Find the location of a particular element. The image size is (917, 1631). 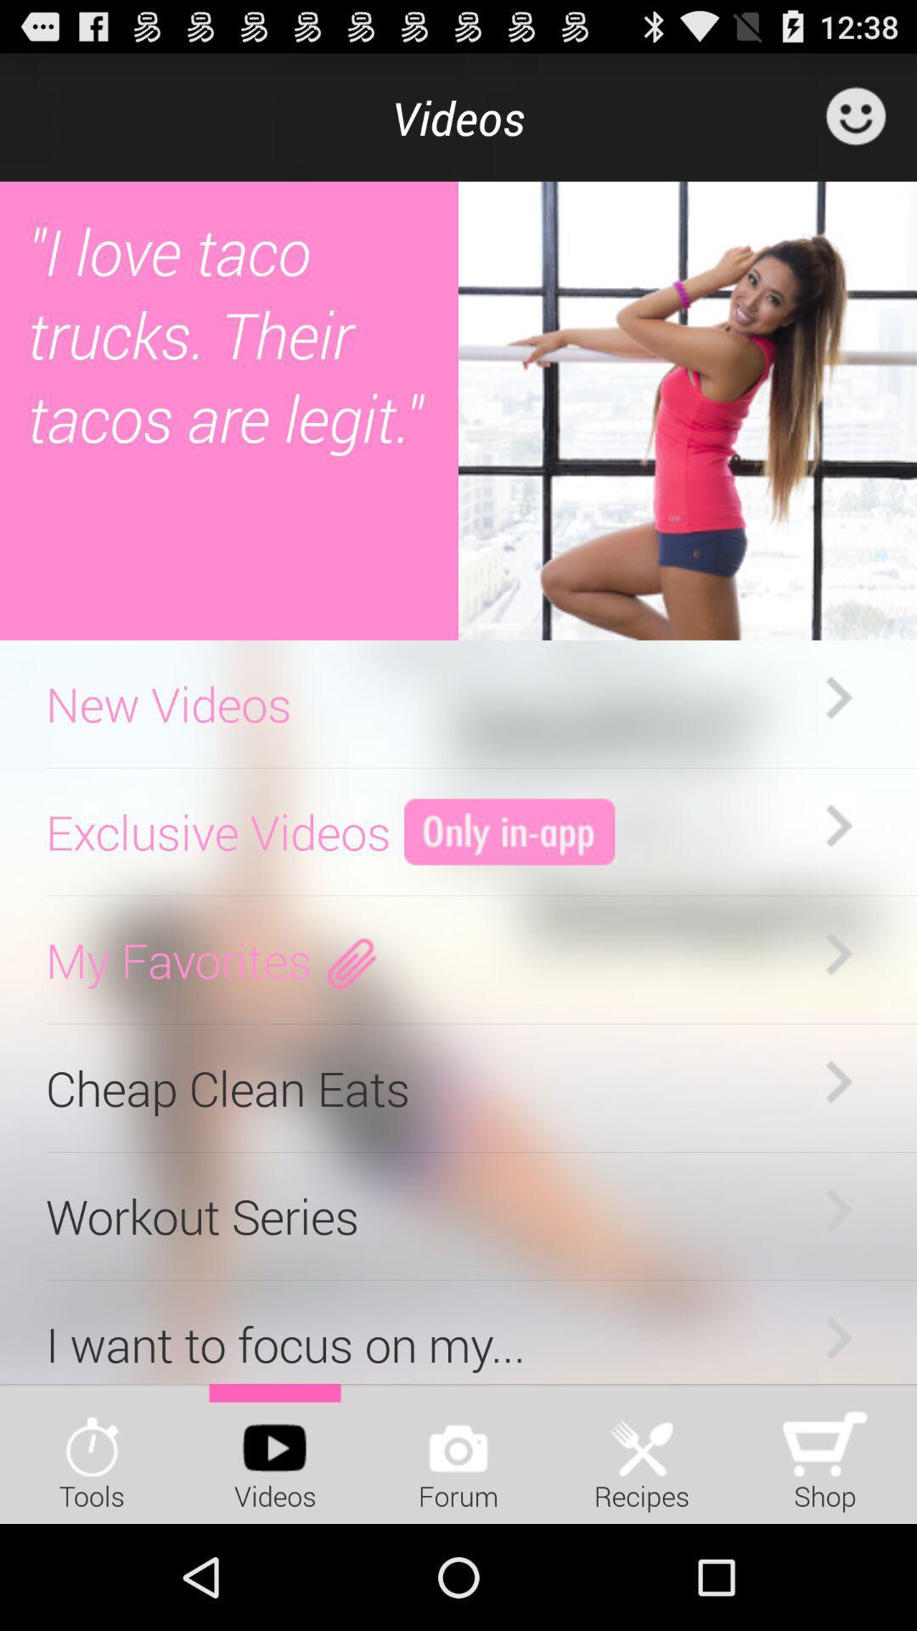

the emoji icon is located at coordinates (855, 124).